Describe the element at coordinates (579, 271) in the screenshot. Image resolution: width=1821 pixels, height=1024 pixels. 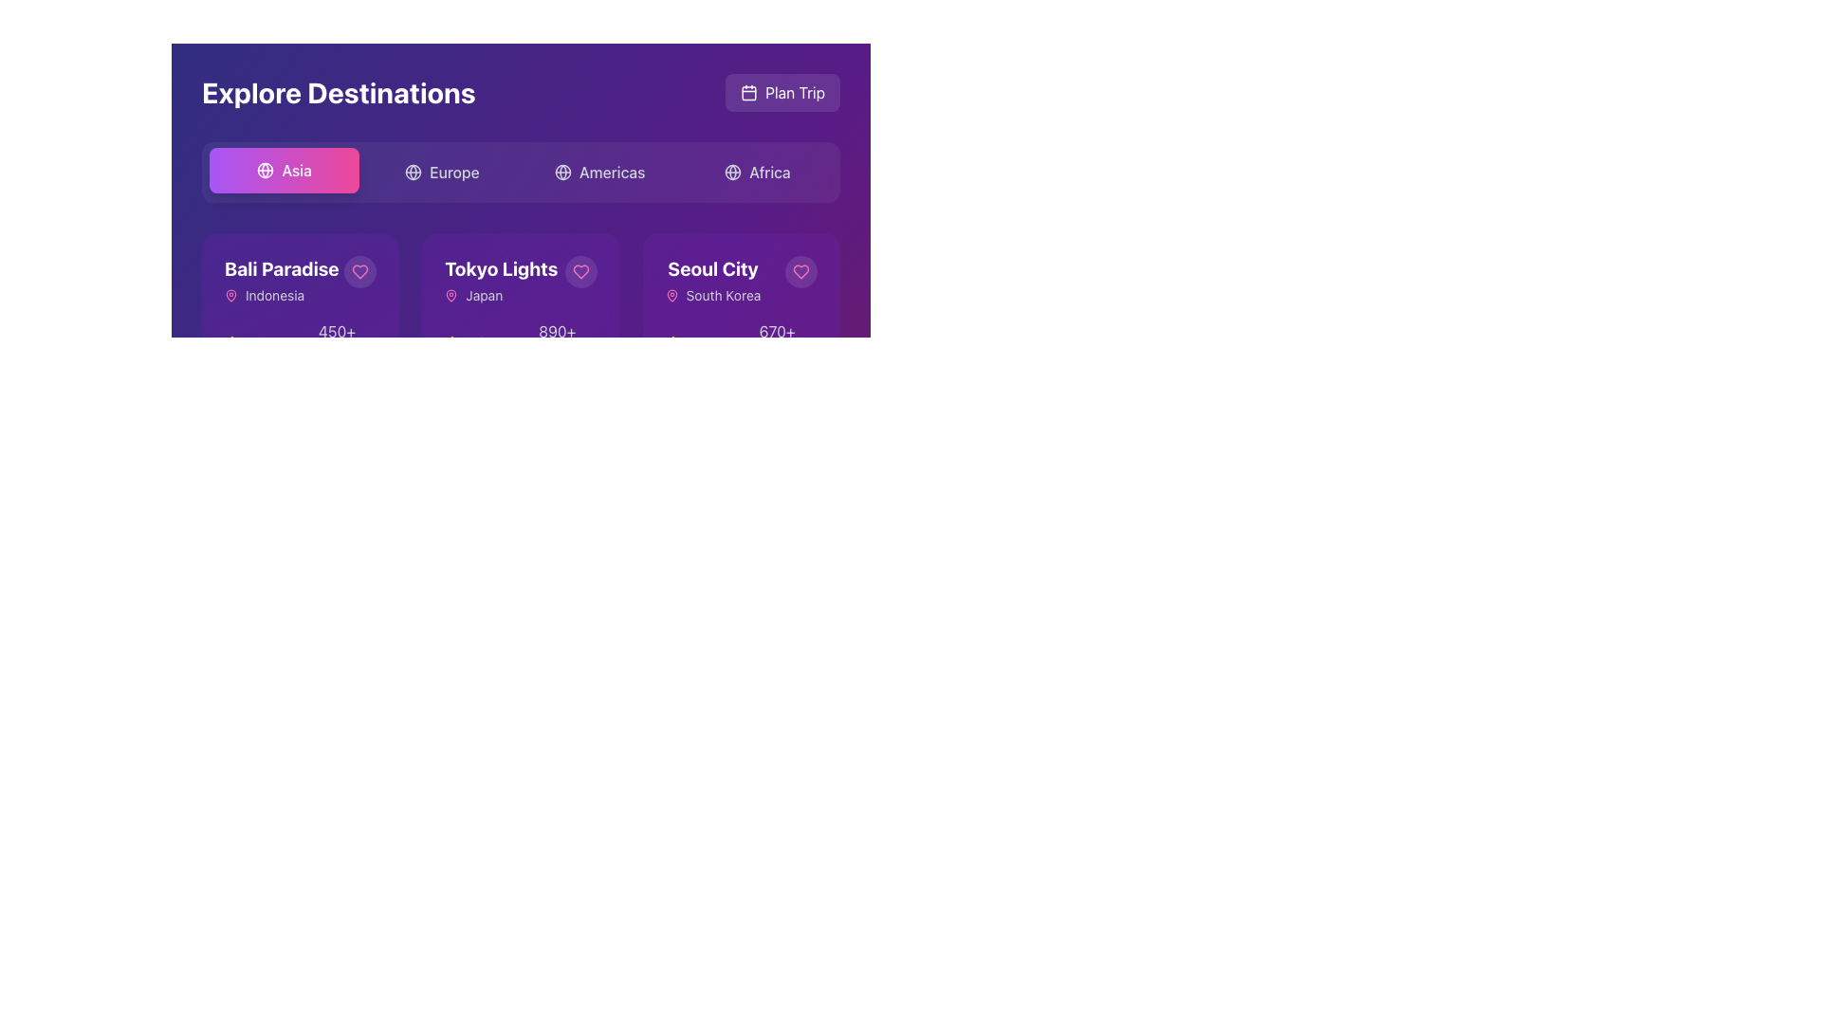
I see `the heart icon in the upper-right corner of the 'Tokyo Lights' destination card` at that location.